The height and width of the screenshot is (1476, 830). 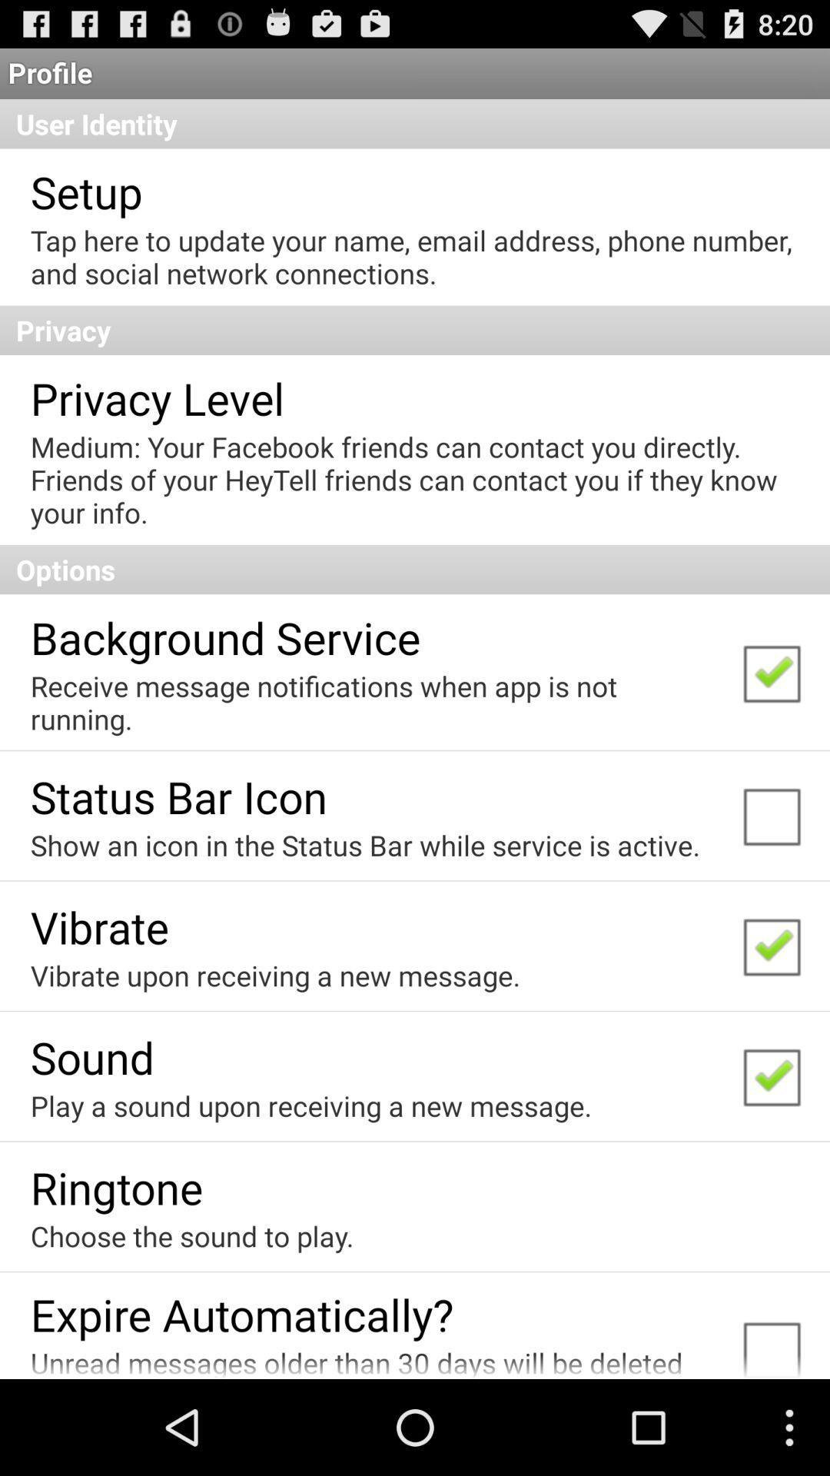 I want to click on the choose the sound app, so click(x=191, y=1236).